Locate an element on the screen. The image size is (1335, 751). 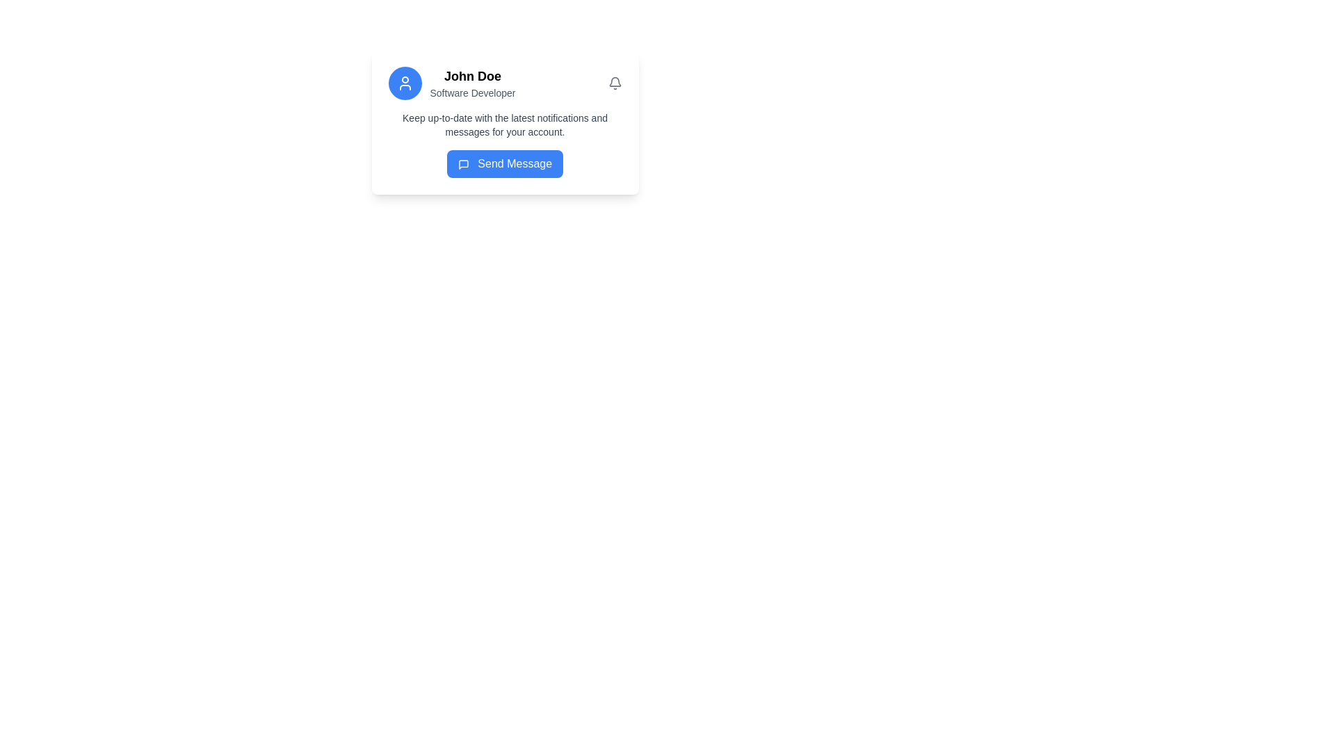
the Icon Button located at the top-right corner of the user profile card is located at coordinates (614, 83).